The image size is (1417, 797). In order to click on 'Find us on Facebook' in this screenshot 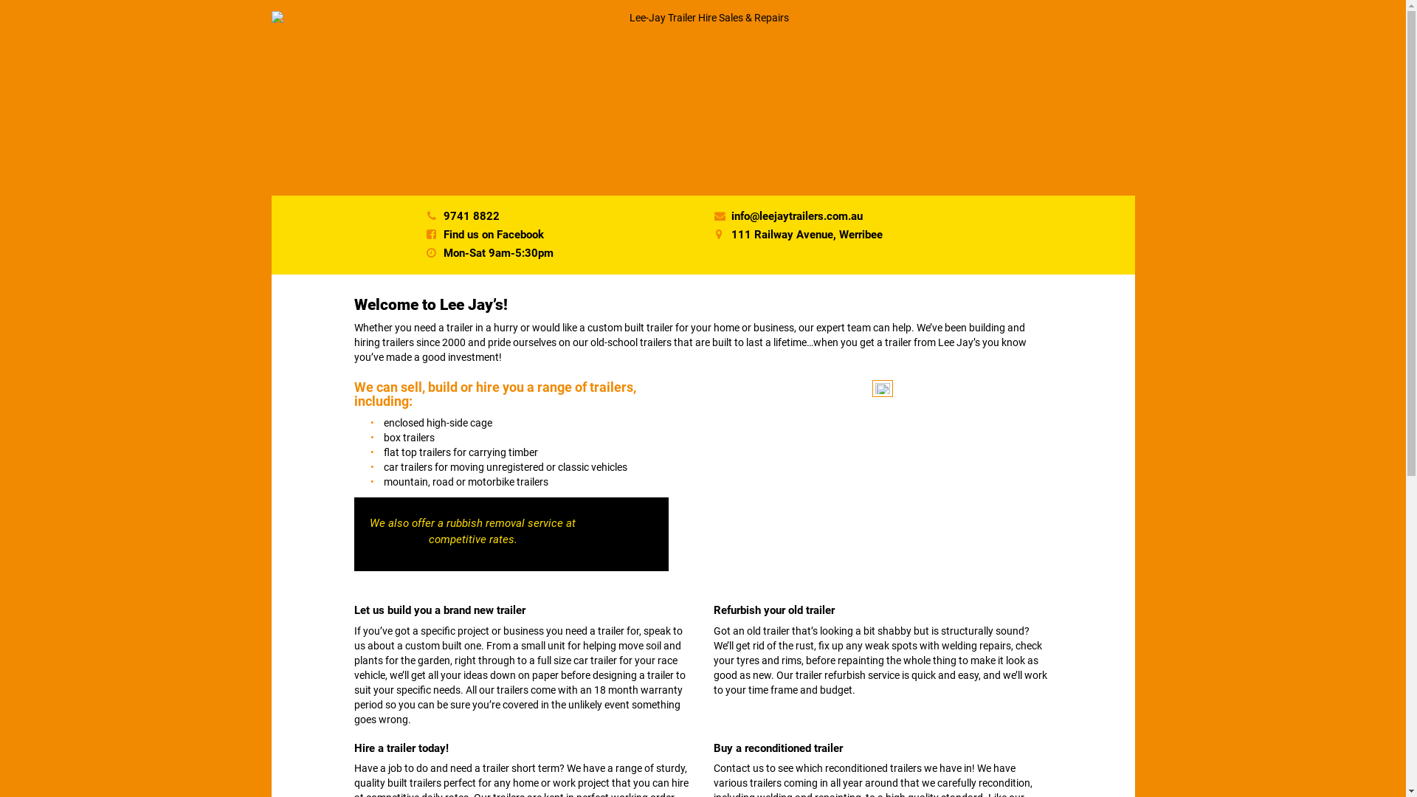, I will do `click(493, 233)`.